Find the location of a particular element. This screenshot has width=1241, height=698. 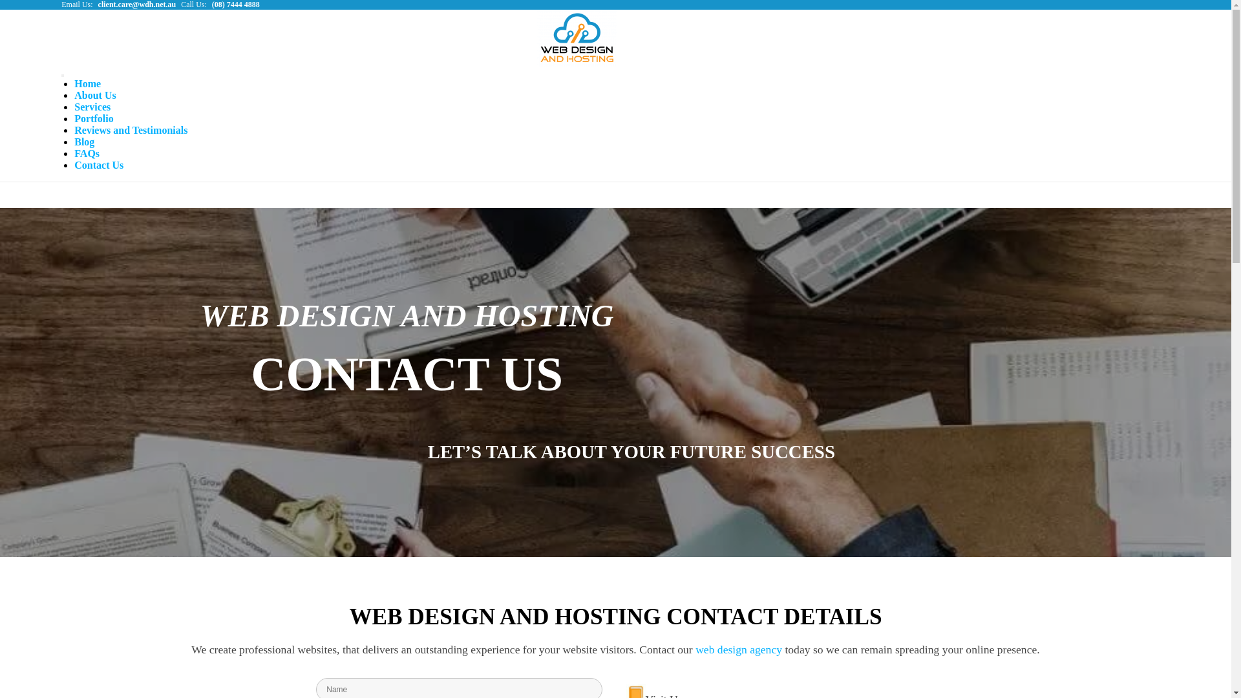

'web design agency' is located at coordinates (738, 650).